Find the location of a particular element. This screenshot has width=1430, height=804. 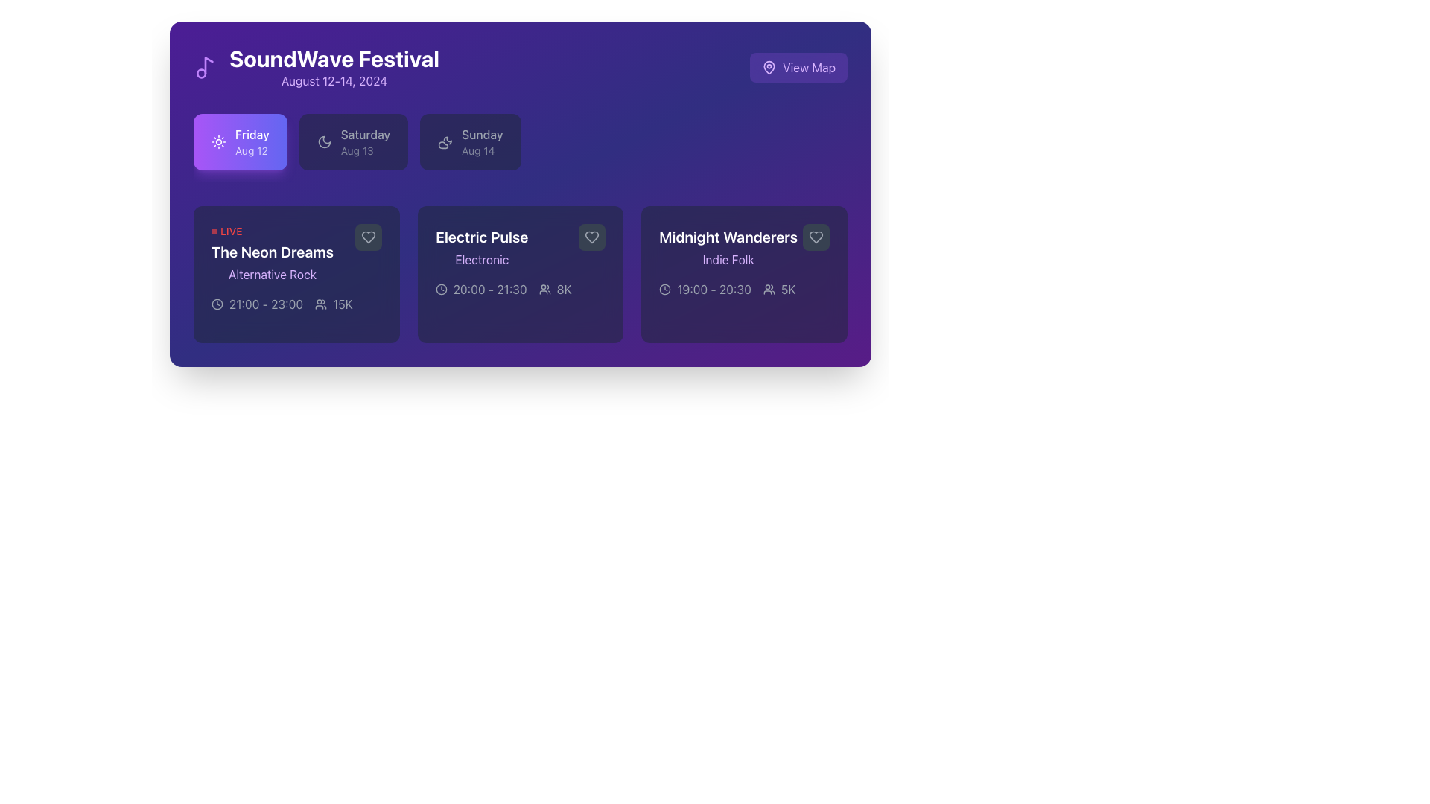

assistive technologies is located at coordinates (769, 68).